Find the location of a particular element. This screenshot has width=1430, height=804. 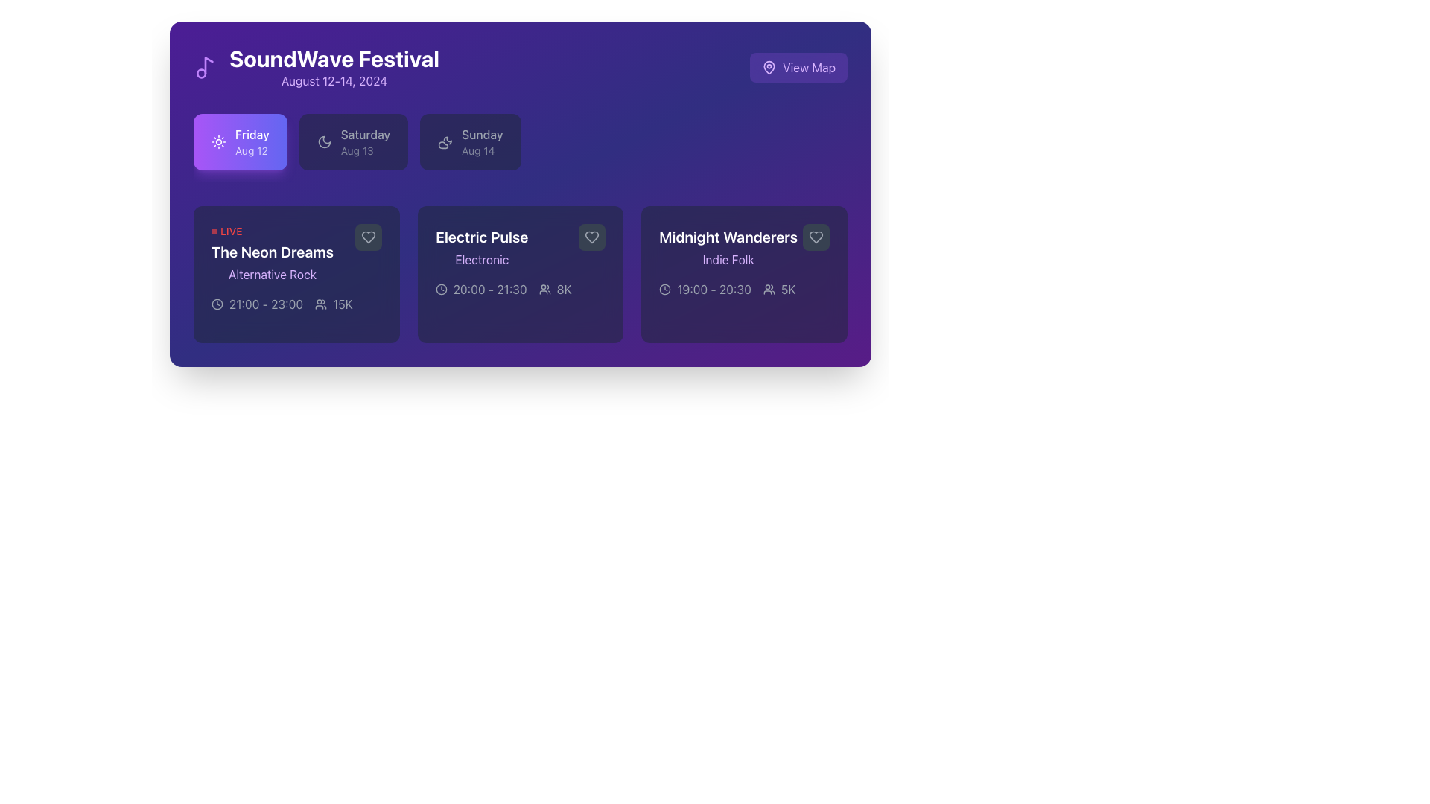

assistive technologies is located at coordinates (769, 68).